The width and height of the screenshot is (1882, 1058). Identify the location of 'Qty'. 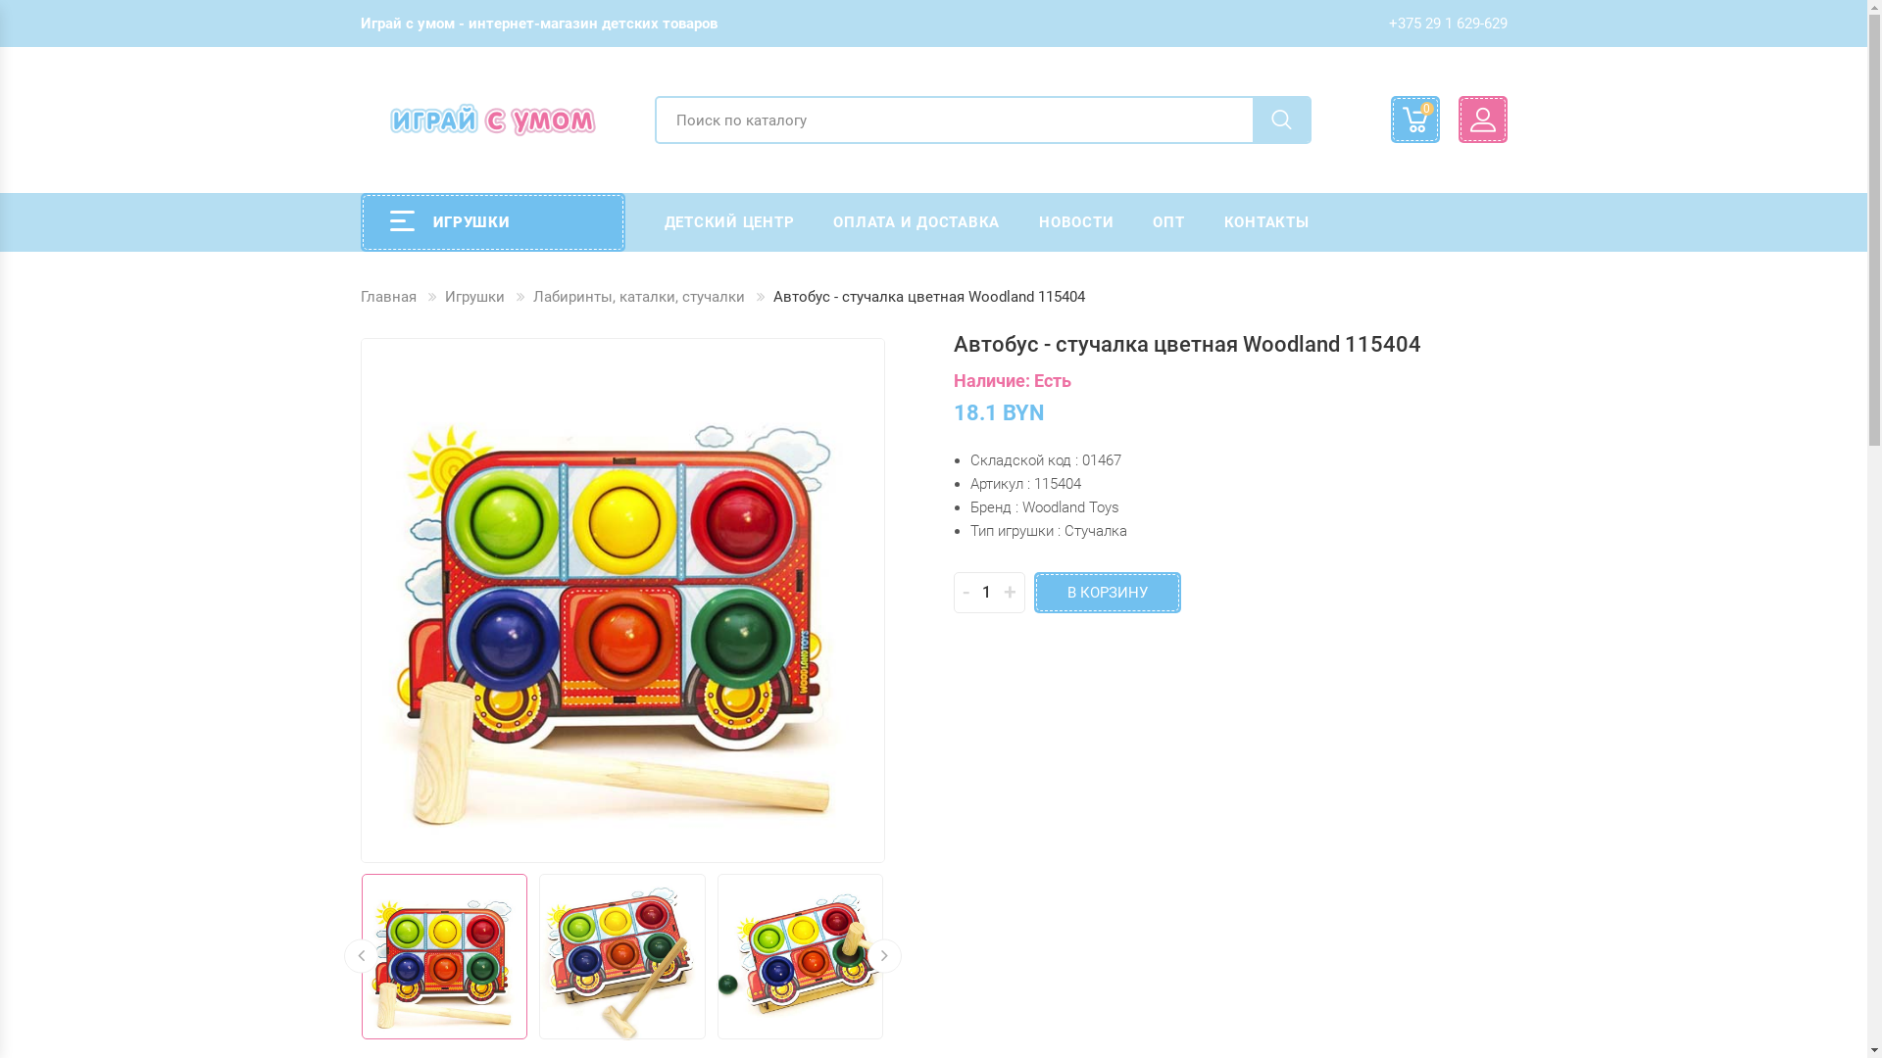
(987, 592).